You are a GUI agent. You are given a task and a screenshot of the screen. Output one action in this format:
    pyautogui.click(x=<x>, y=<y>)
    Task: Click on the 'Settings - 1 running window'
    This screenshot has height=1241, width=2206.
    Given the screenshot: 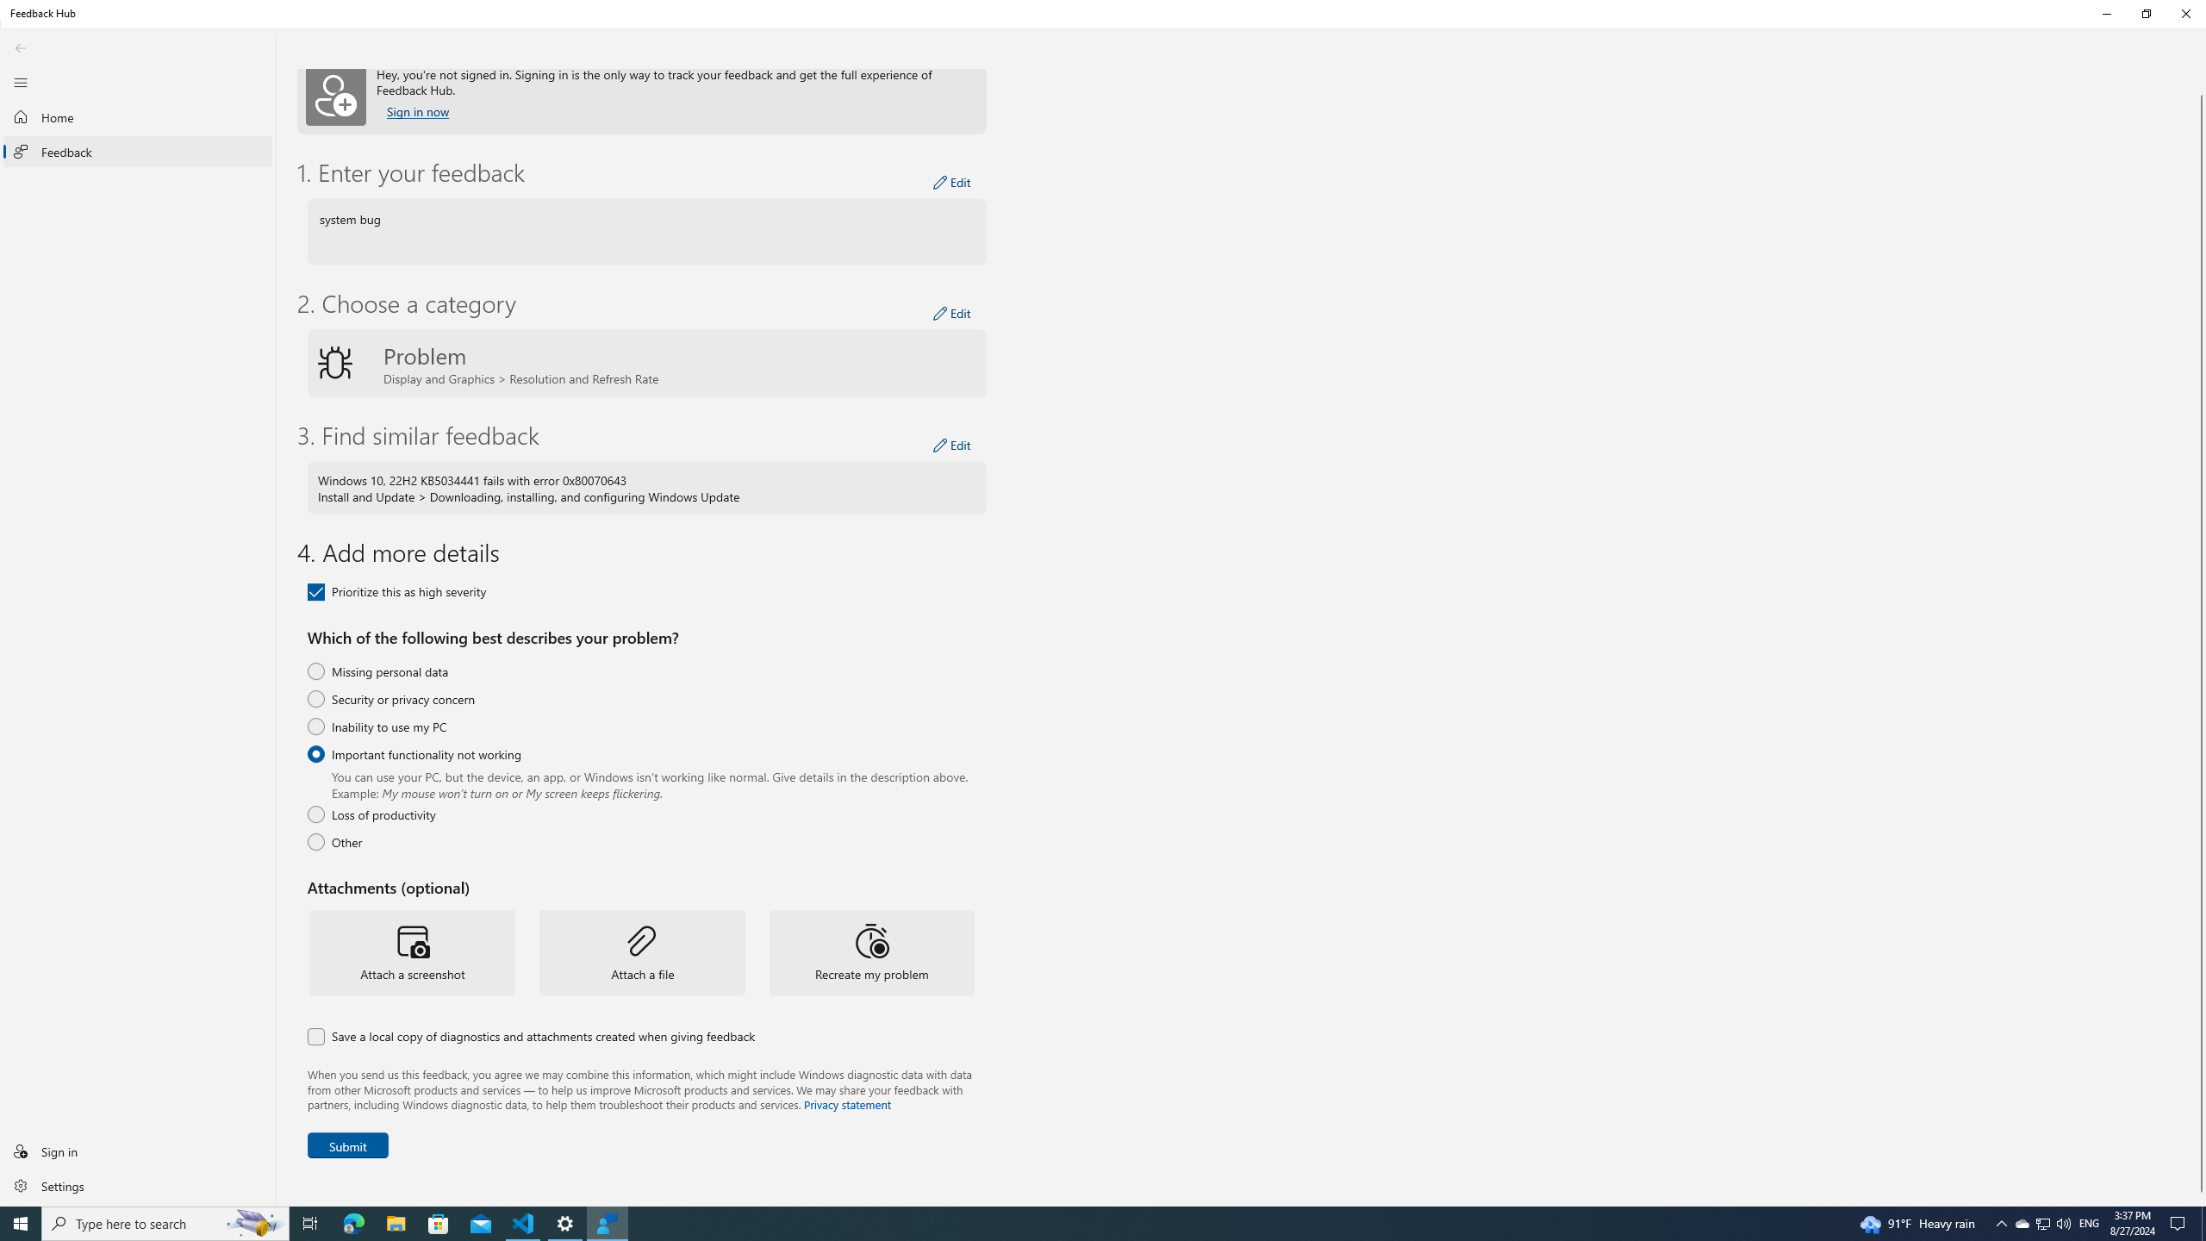 What is the action you would take?
    pyautogui.click(x=565, y=1222)
    